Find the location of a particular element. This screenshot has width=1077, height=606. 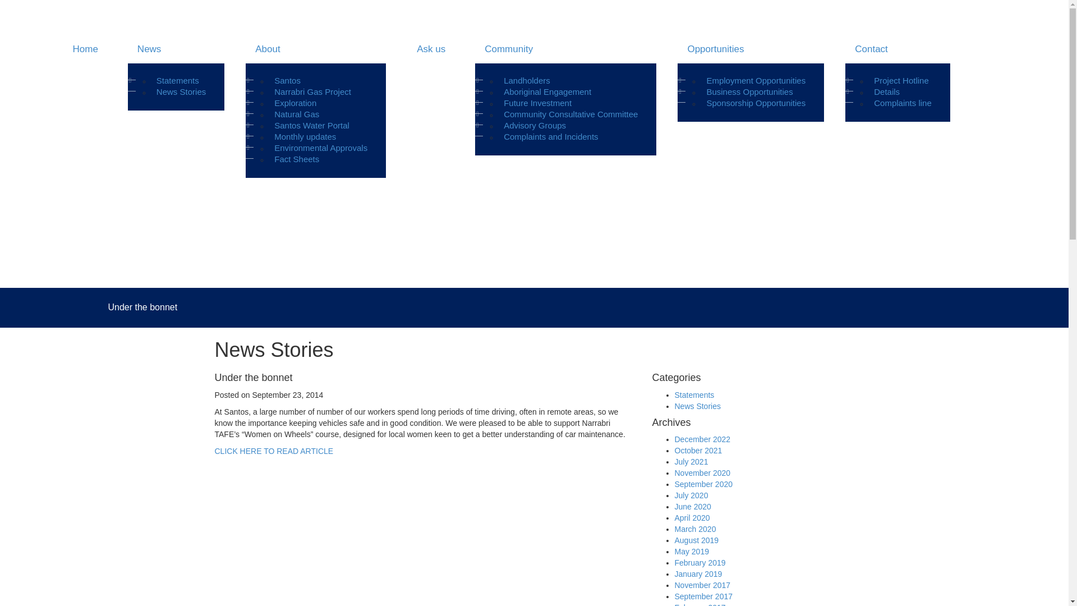

'Employment Opportunities' is located at coordinates (700, 80).